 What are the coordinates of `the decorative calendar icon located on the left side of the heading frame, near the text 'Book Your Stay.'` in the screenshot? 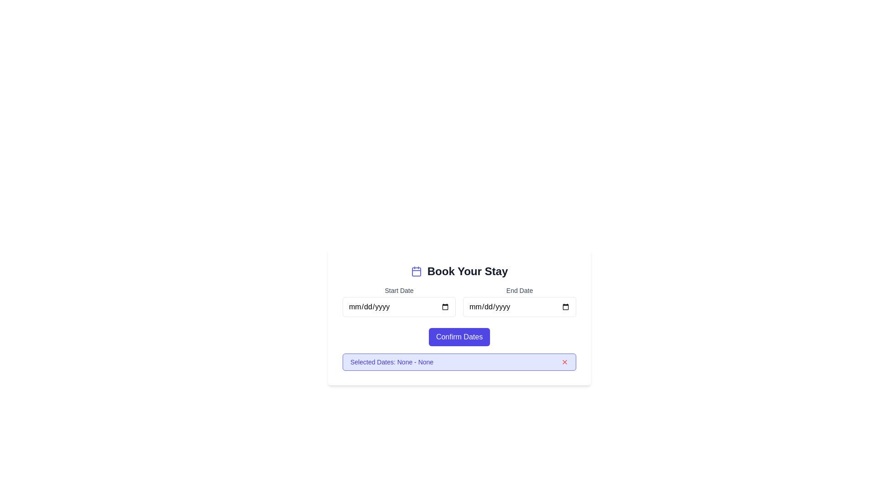 It's located at (416, 271).